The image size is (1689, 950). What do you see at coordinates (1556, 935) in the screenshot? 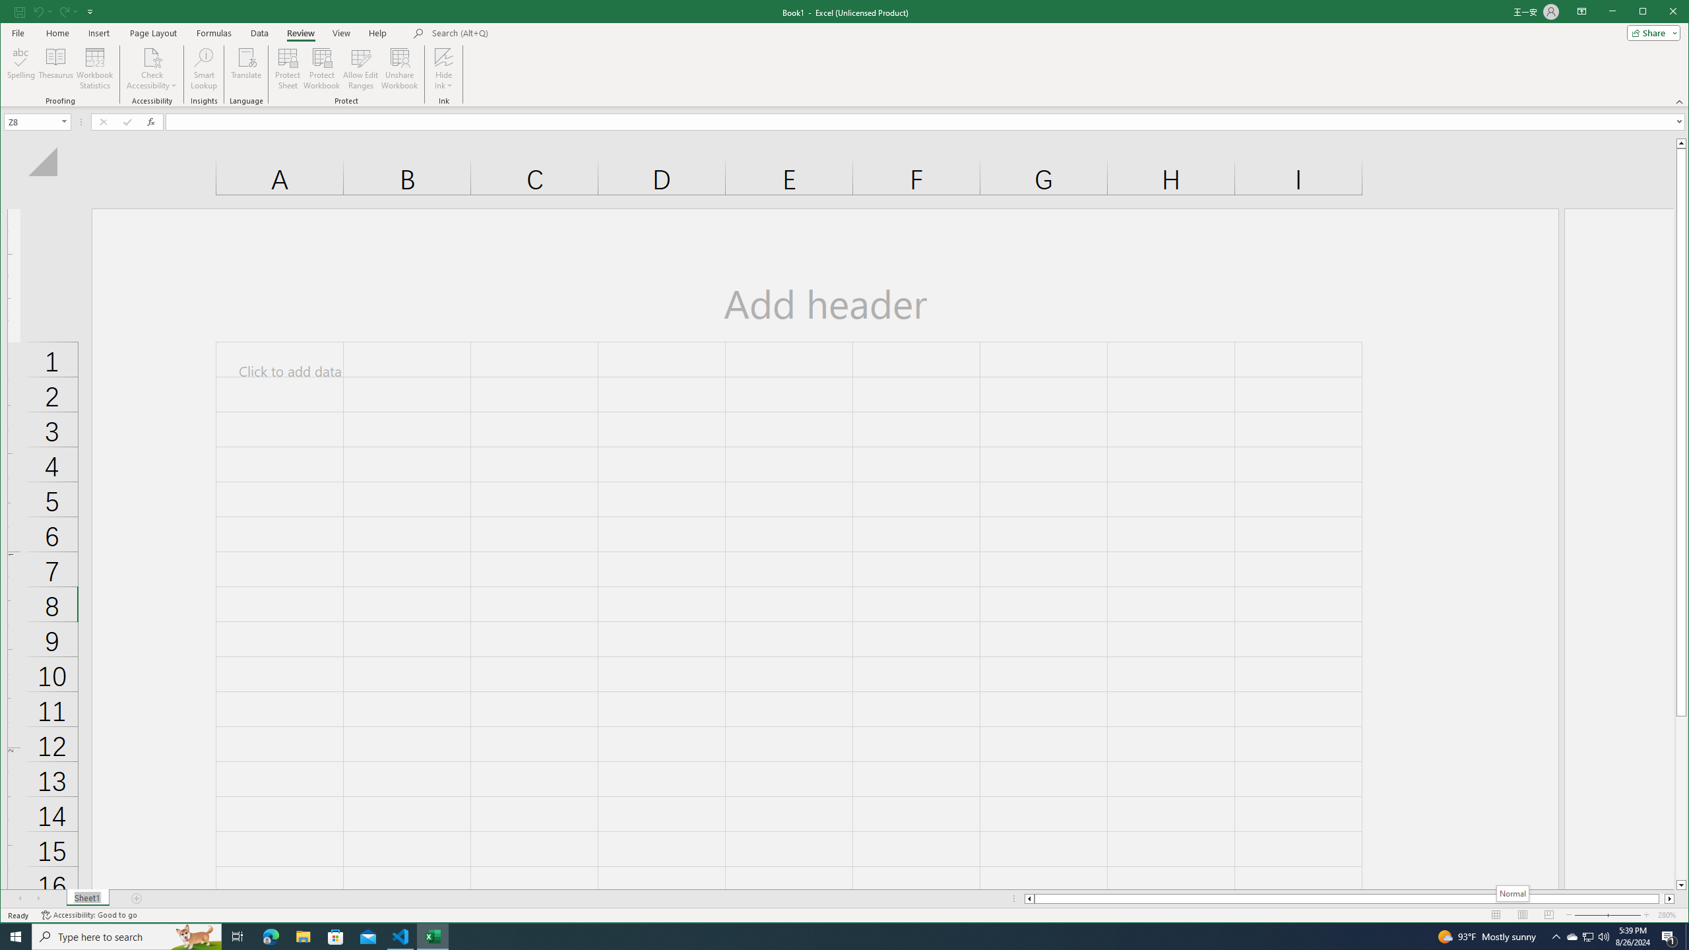
I see `'Notification Chevron'` at bounding box center [1556, 935].